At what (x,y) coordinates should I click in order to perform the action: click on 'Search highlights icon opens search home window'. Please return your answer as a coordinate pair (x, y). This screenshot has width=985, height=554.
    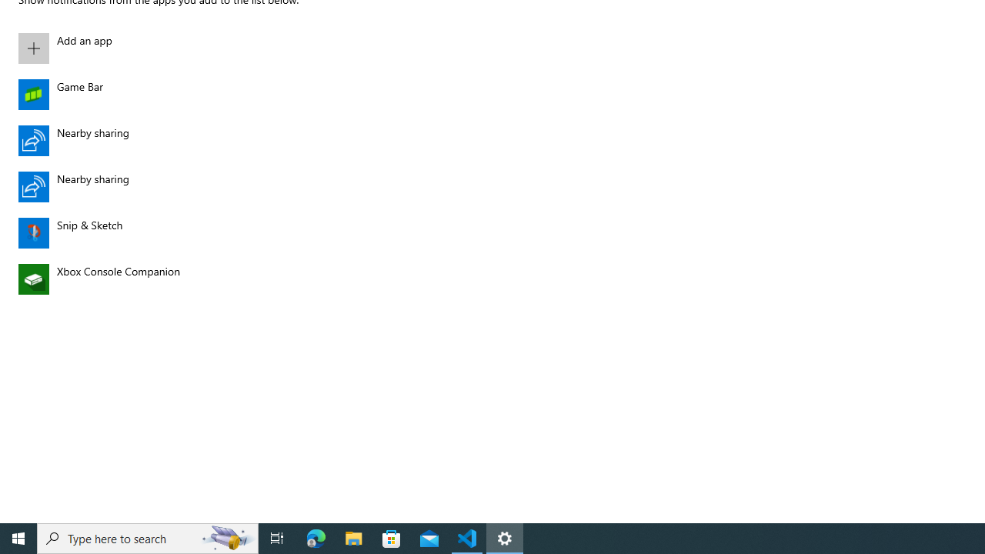
    Looking at the image, I should click on (226, 537).